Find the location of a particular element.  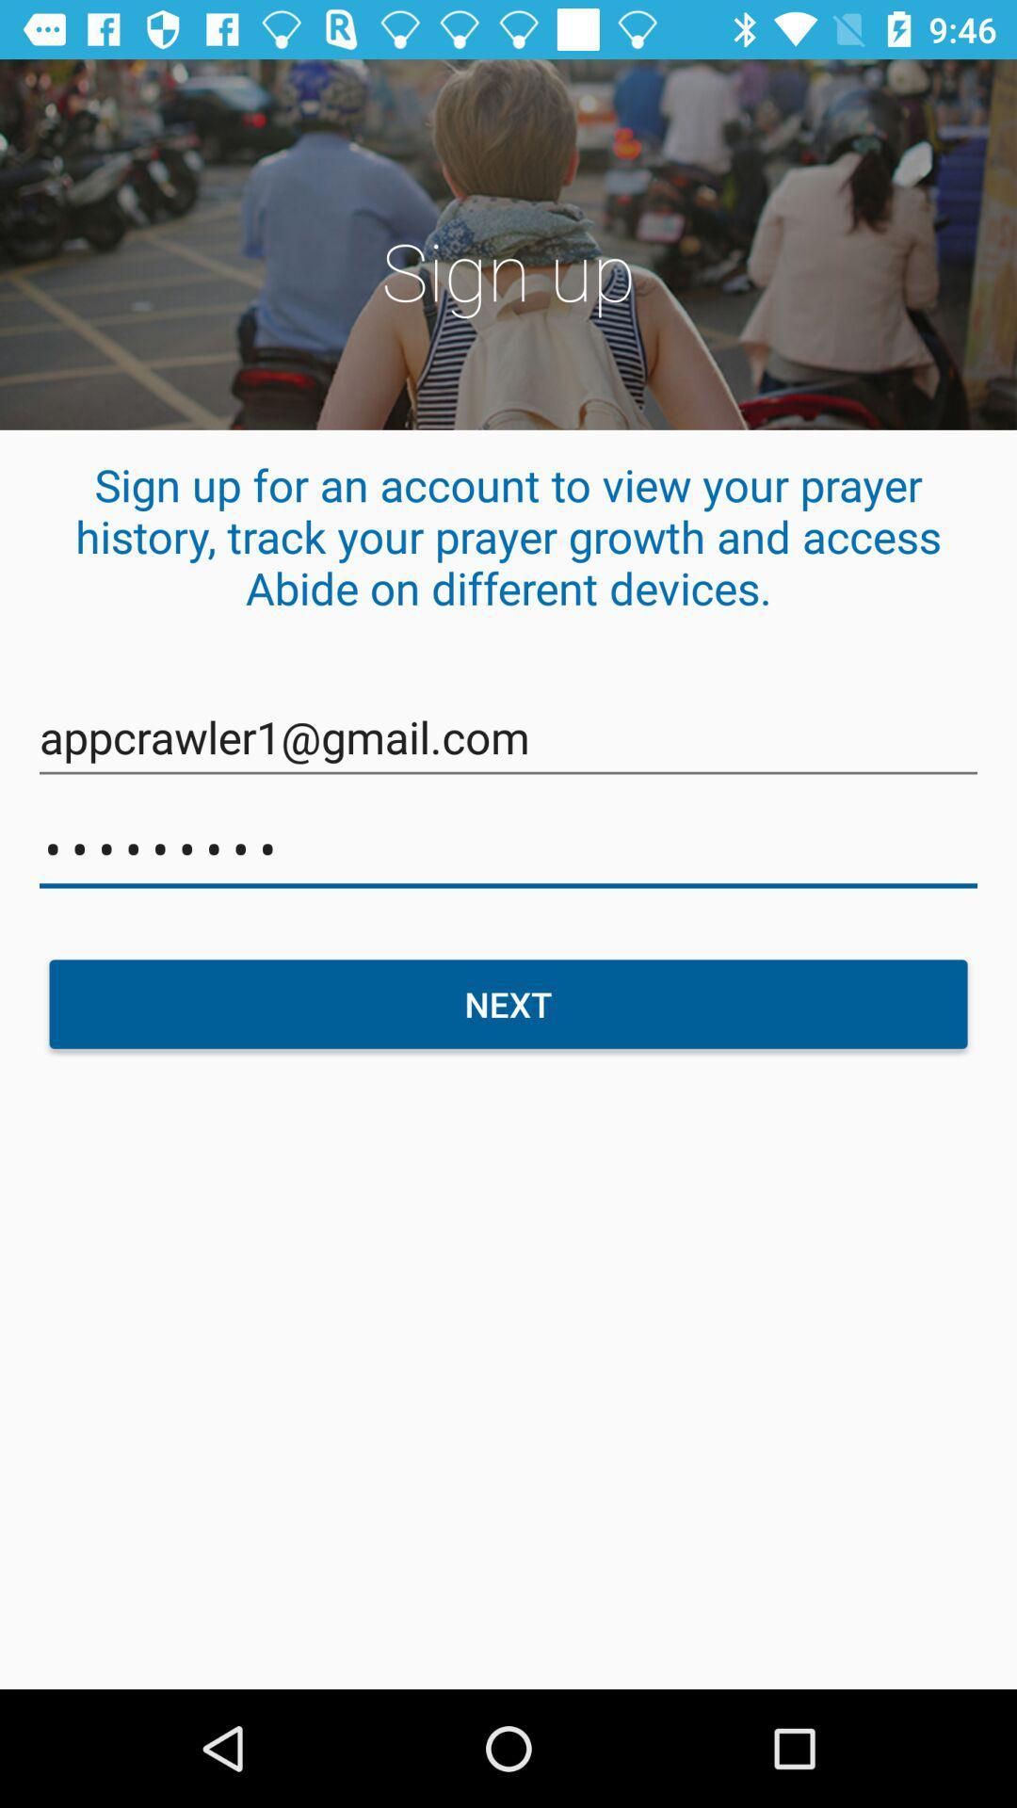

icon above the next icon is located at coordinates (508, 848).